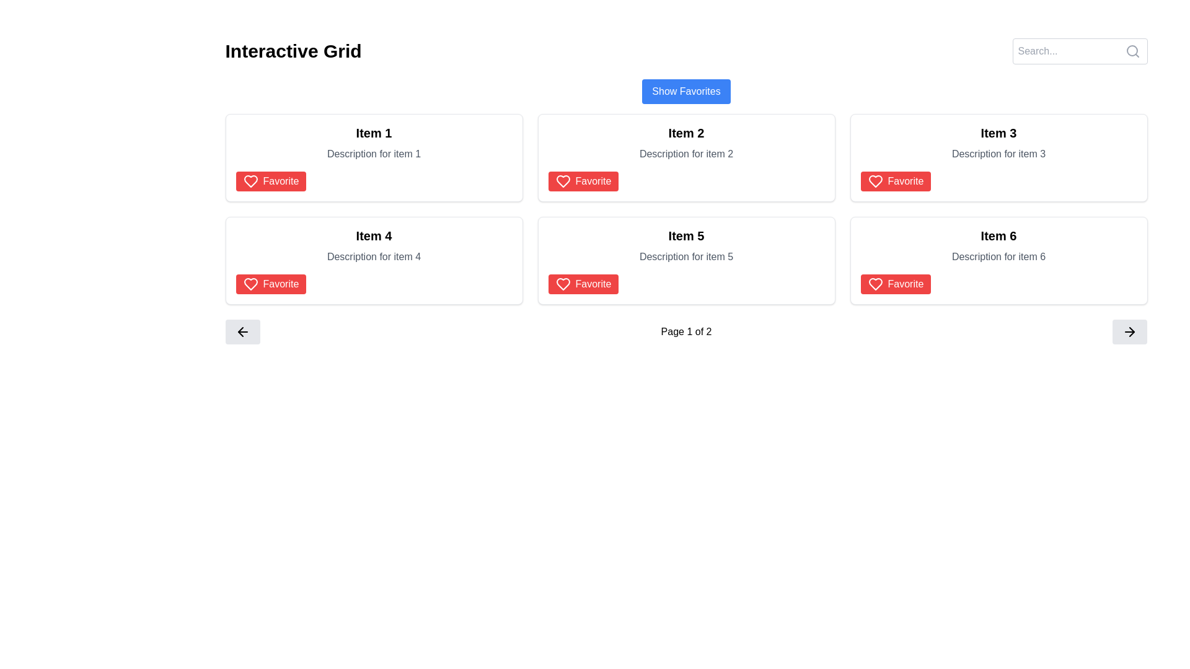 The width and height of the screenshot is (1190, 669). What do you see at coordinates (1130, 331) in the screenshot?
I see `the rightward arrow IconButton located in the bottom-right corner of the interface for keyboard navigation` at bounding box center [1130, 331].